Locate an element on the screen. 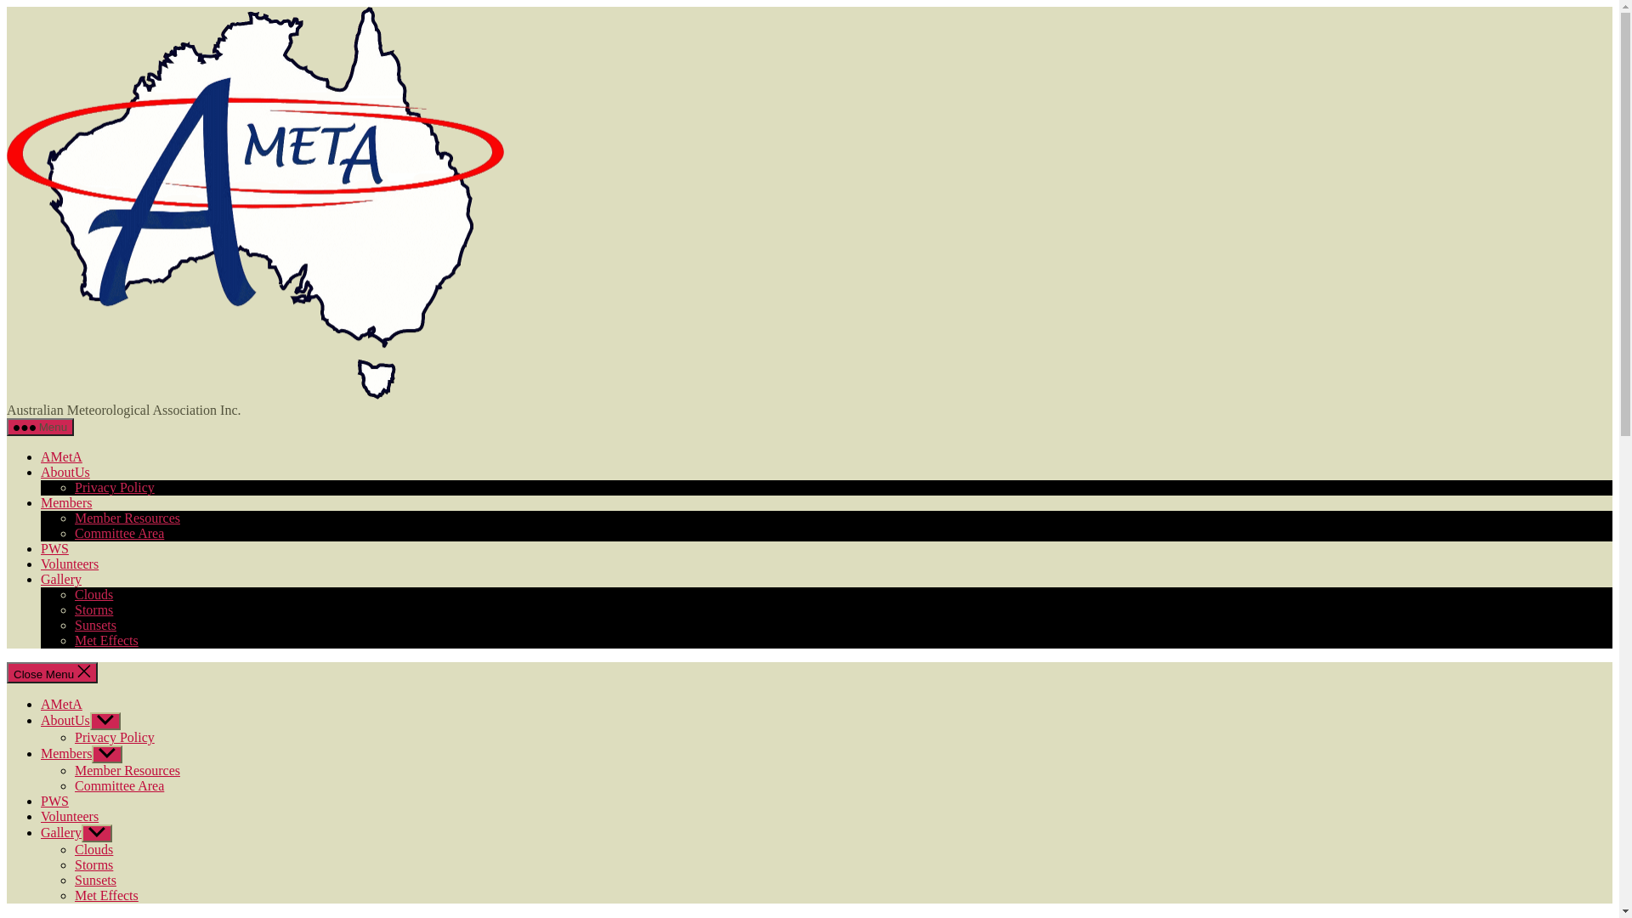  'Close Menu' is located at coordinates (52, 671).